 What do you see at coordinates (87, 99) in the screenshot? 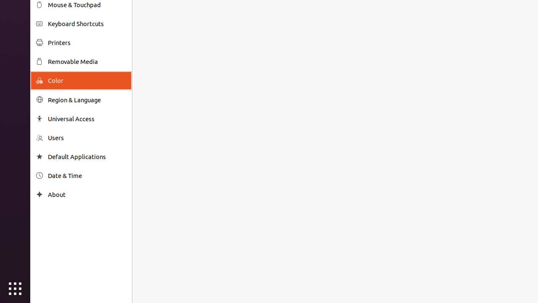
I see `'Region & Language'` at bounding box center [87, 99].